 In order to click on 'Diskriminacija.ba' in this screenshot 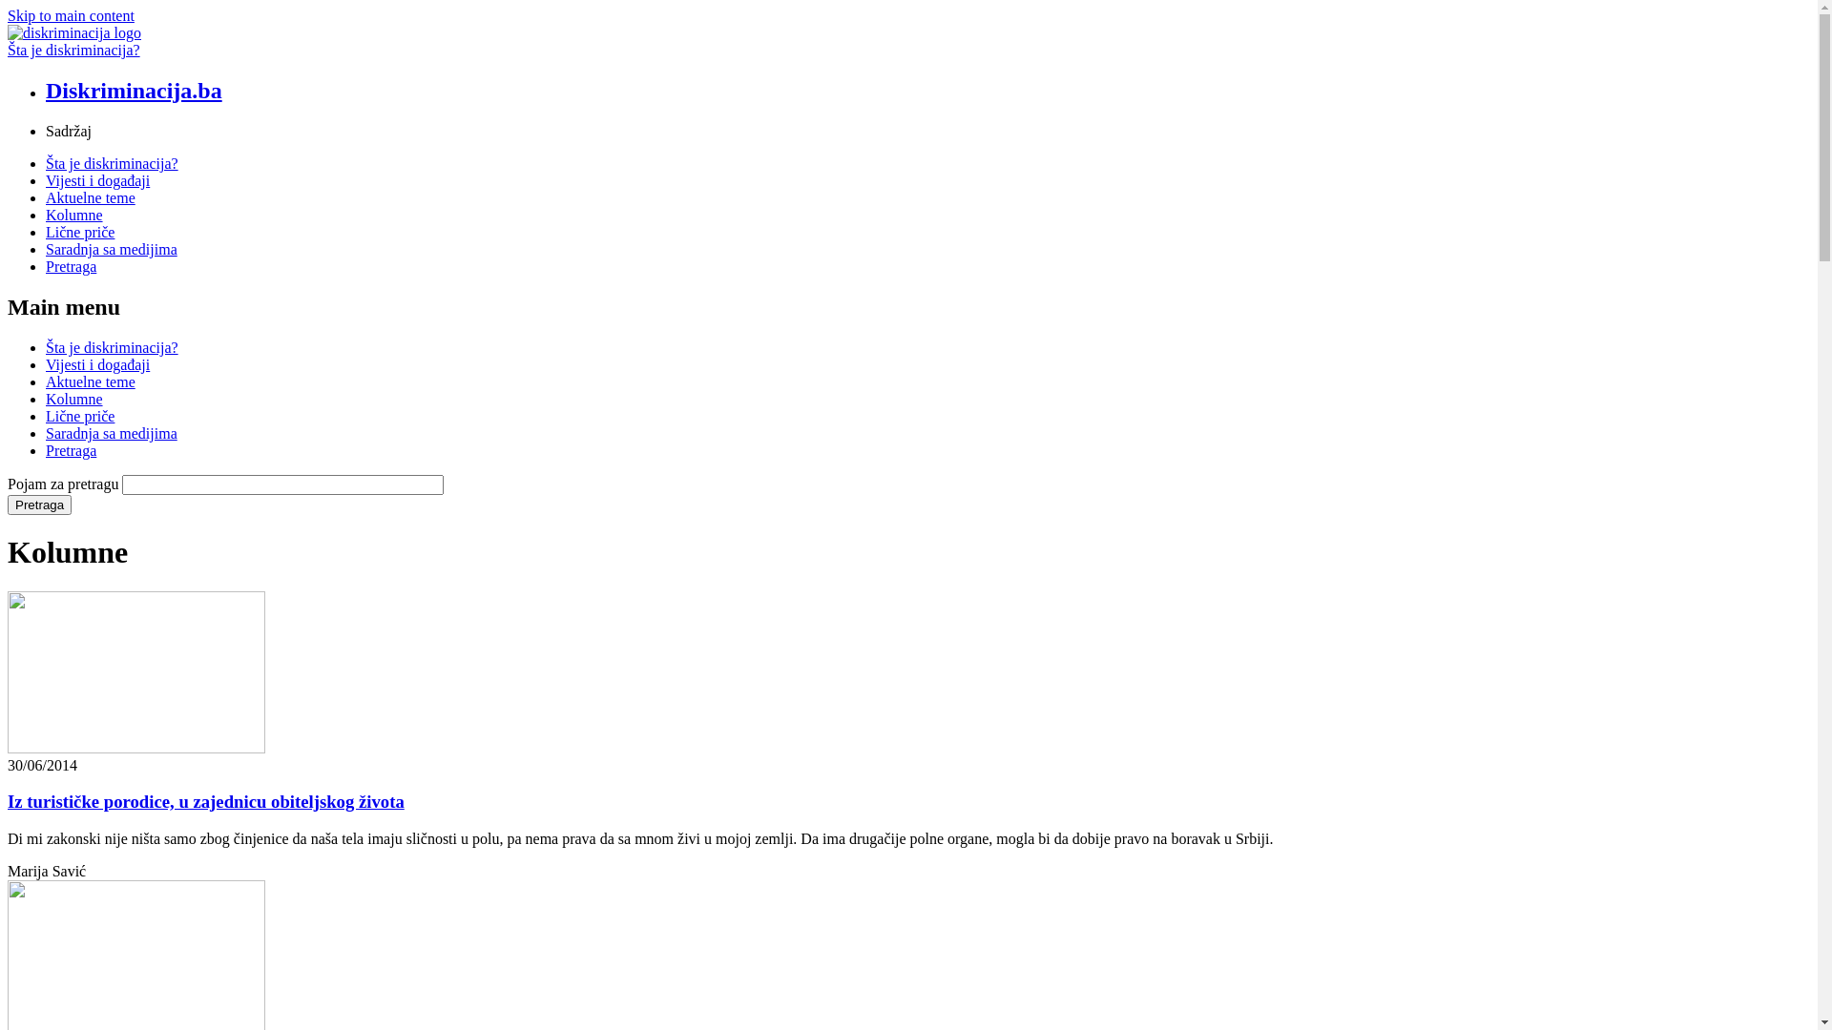, I will do `click(133, 91)`.